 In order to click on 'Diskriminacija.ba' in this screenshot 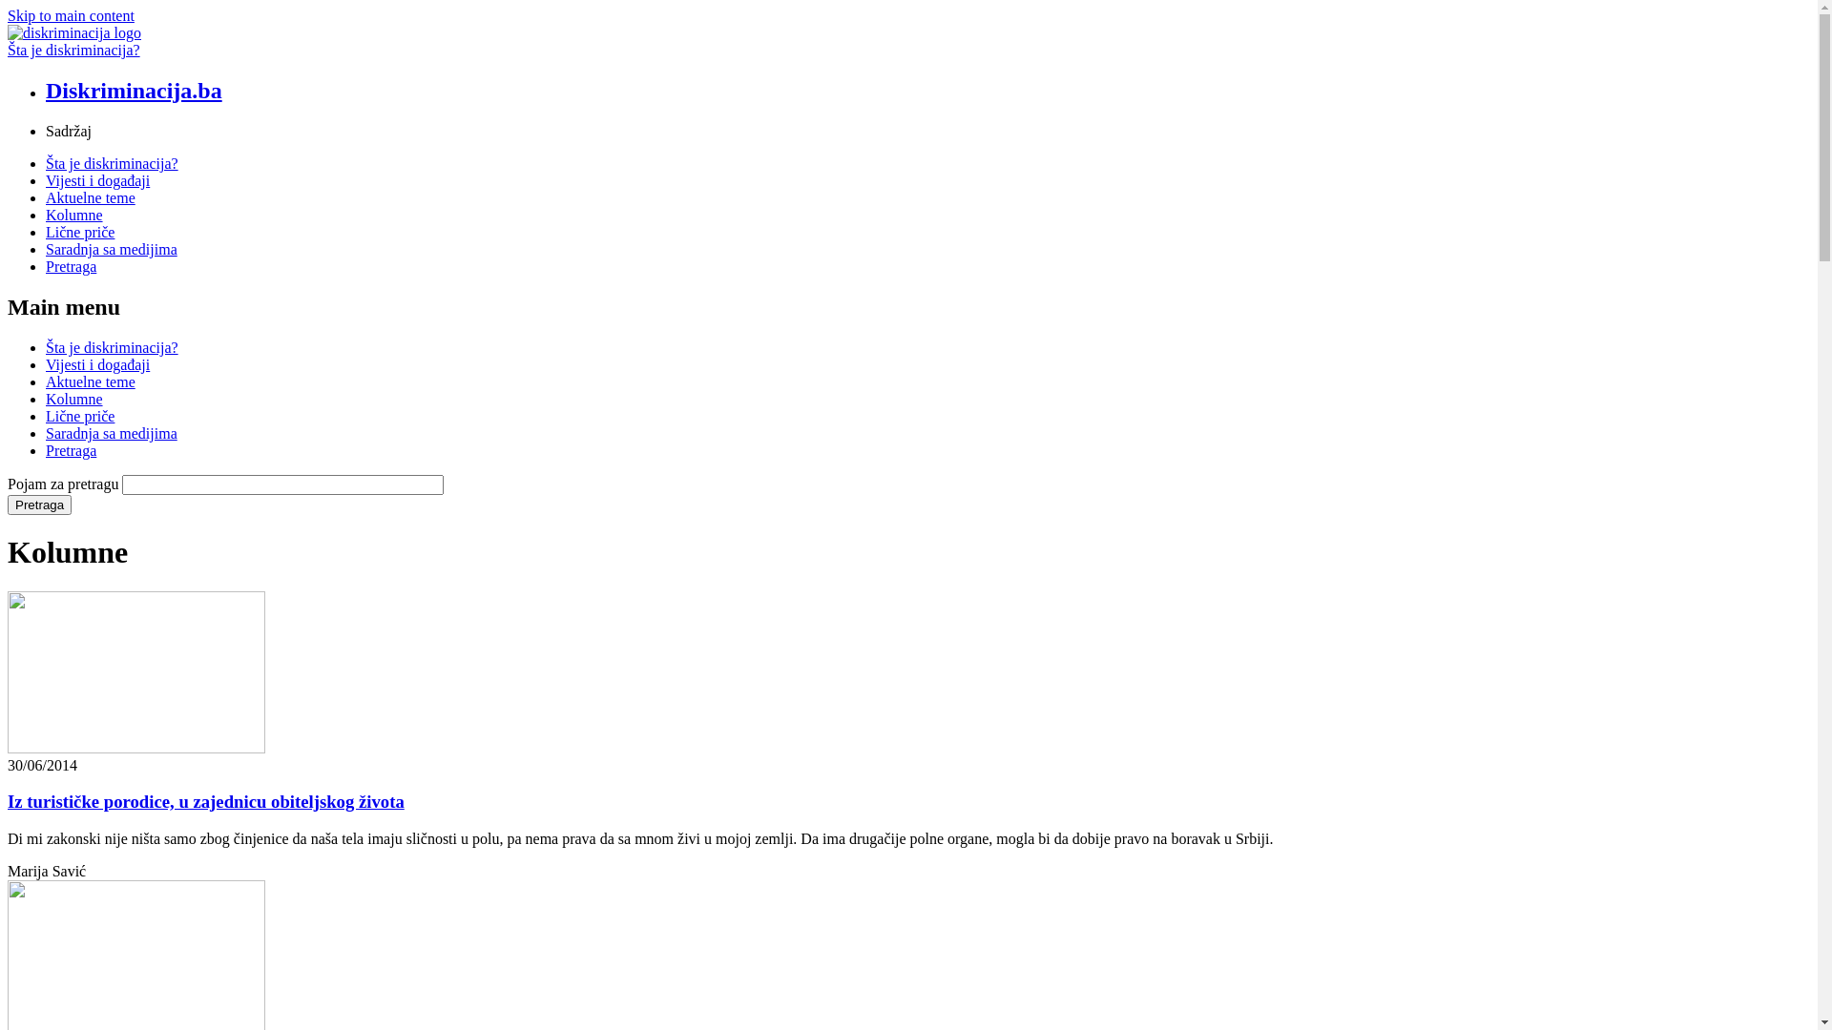, I will do `click(133, 91)`.